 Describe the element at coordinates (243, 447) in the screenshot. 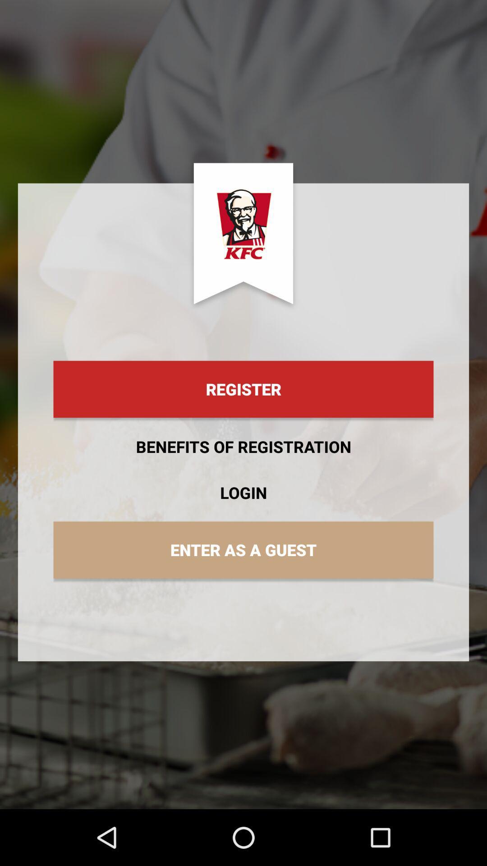

I see `benefits of registration item` at that location.